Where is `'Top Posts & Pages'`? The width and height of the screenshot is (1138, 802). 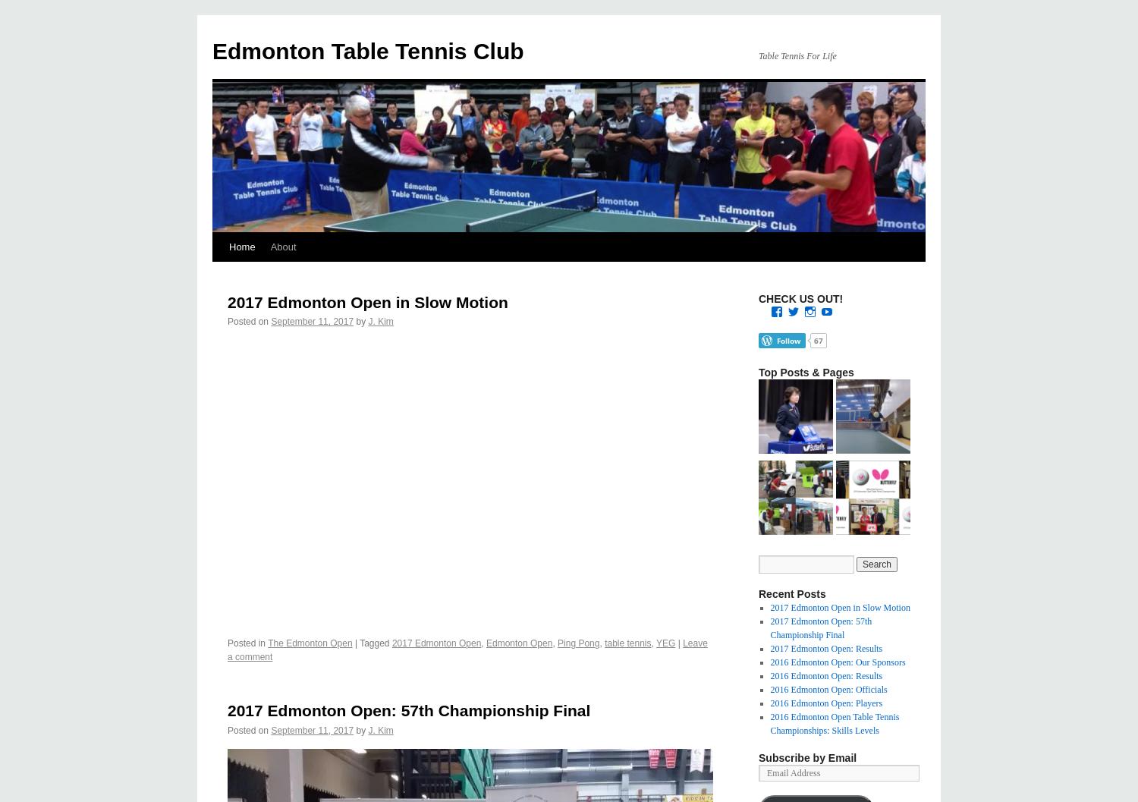 'Top Posts & Pages' is located at coordinates (806, 372).